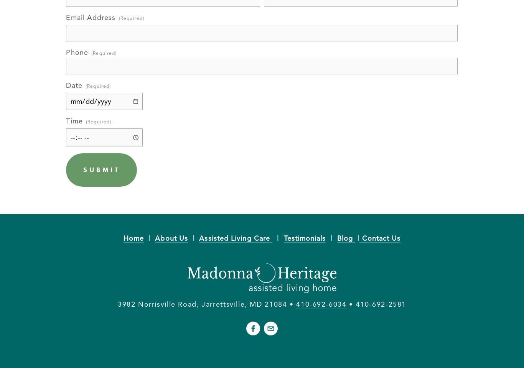  I want to click on 'Blog', so click(345, 237).